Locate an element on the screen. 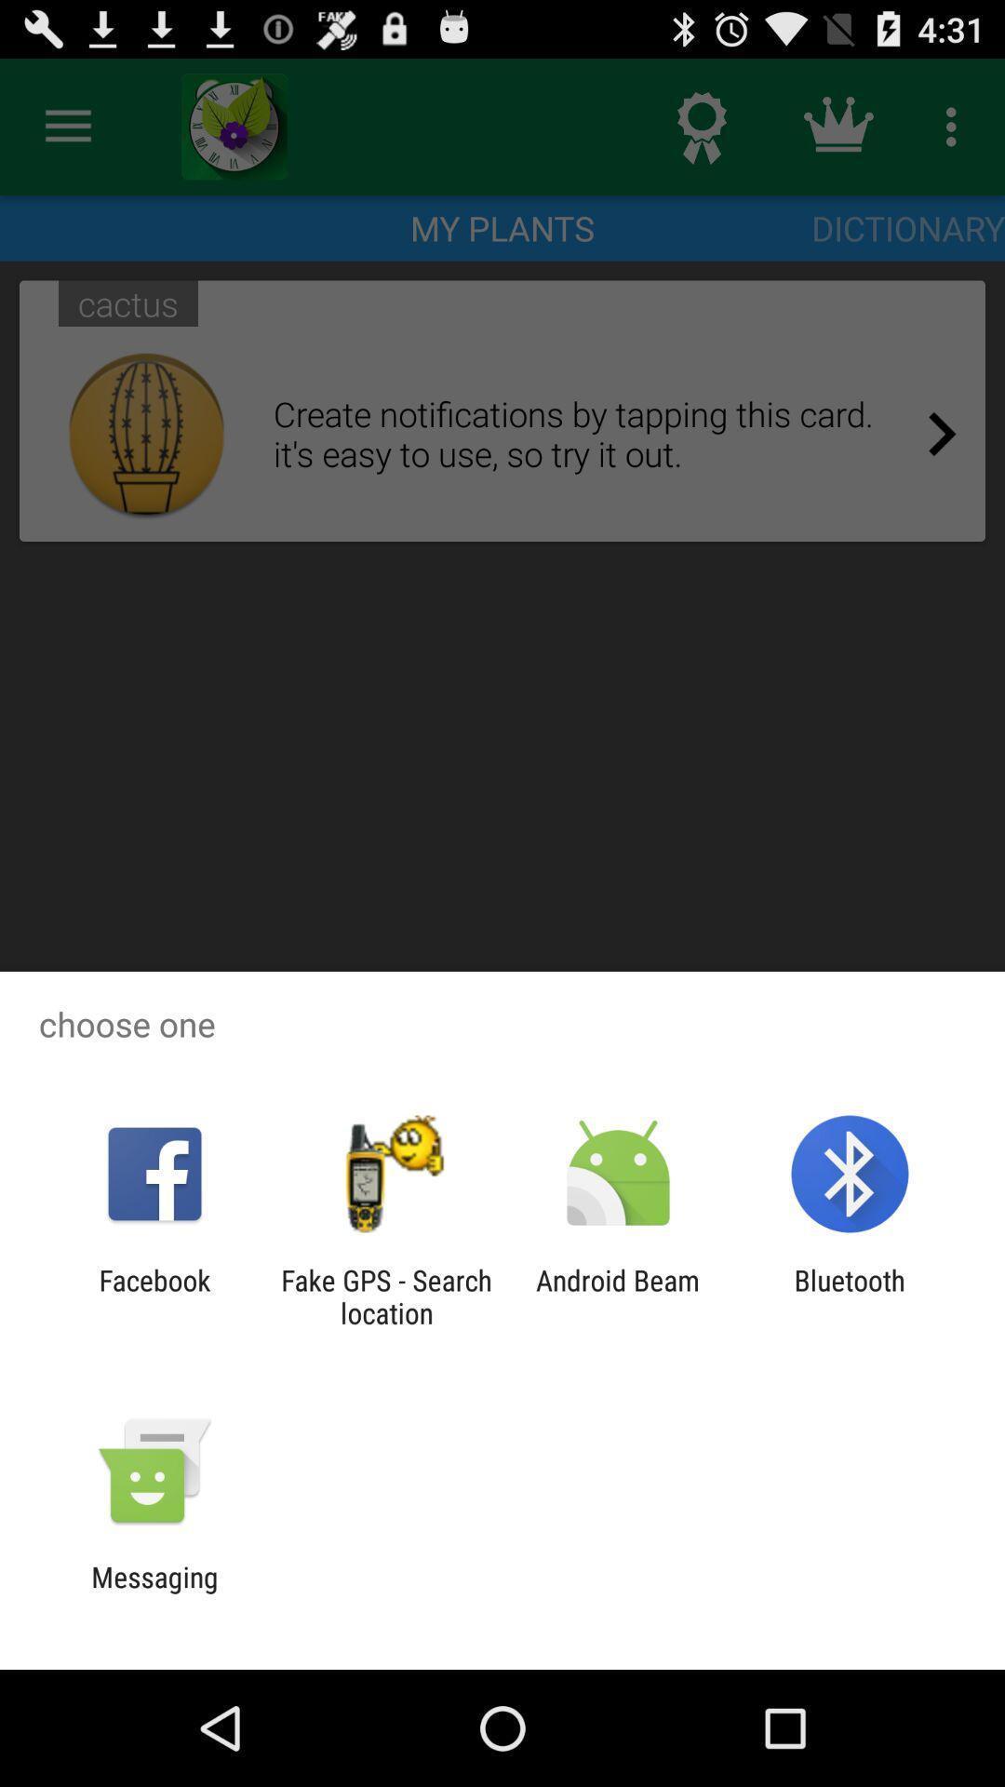 Image resolution: width=1005 pixels, height=1787 pixels. the app next to android beam icon is located at coordinates (850, 1296).